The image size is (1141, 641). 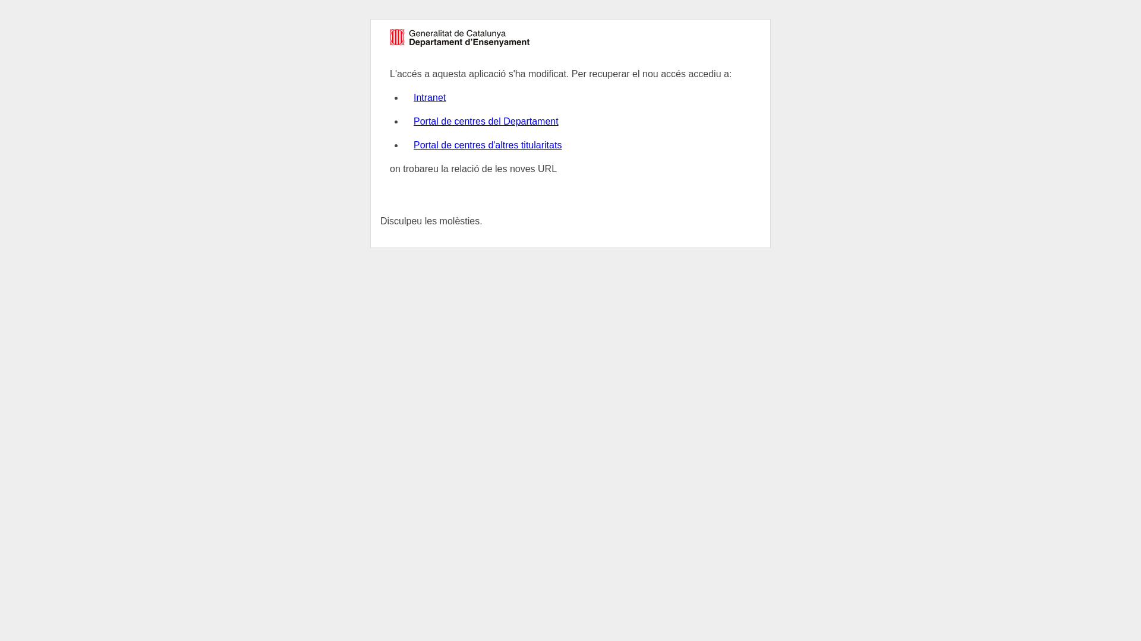 I want to click on 'Portal de centres del Departament', so click(x=486, y=121).